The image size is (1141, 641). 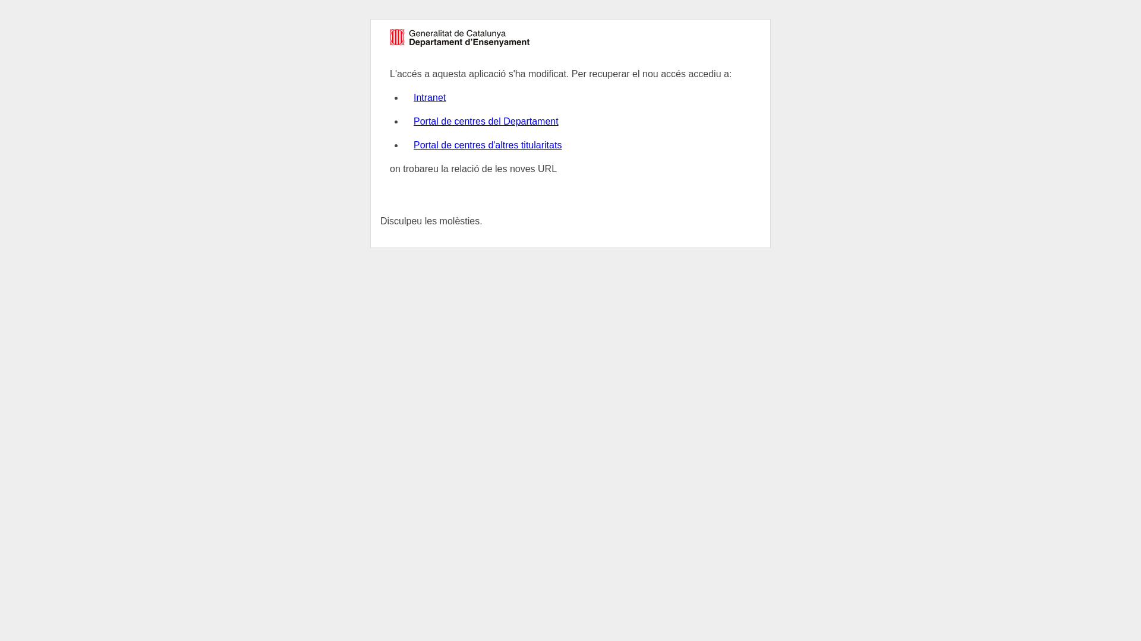 I want to click on 'Portal de centres del Departament', so click(x=486, y=121).